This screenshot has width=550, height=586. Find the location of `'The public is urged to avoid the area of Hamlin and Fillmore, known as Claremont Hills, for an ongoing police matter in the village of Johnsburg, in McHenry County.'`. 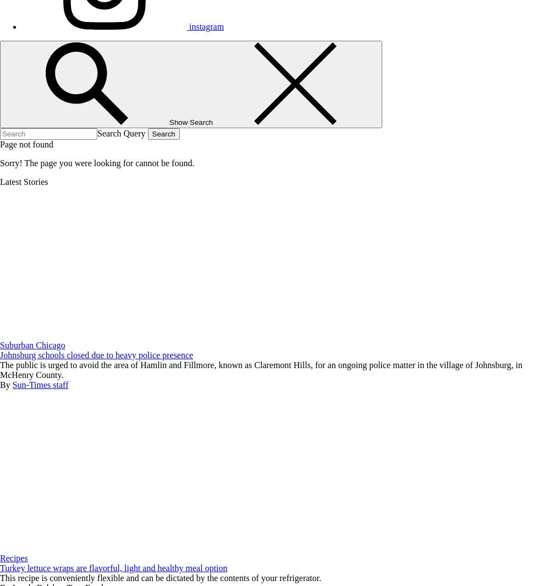

'The public is urged to avoid the area of Hamlin and Fillmore, known as Claremont Hills, for an ongoing police matter in the village of Johnsburg, in McHenry County.' is located at coordinates (260, 370).